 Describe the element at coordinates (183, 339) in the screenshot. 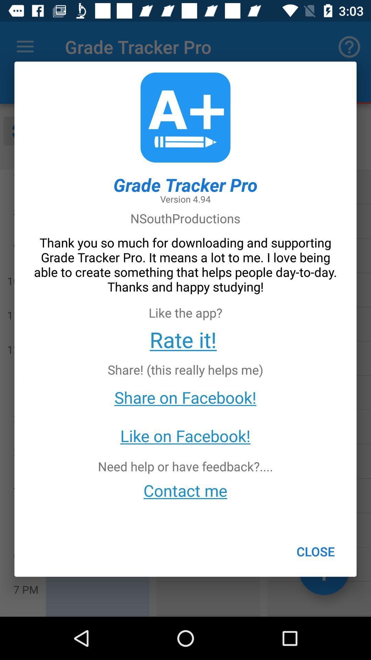

I see `the rate it! icon` at that location.